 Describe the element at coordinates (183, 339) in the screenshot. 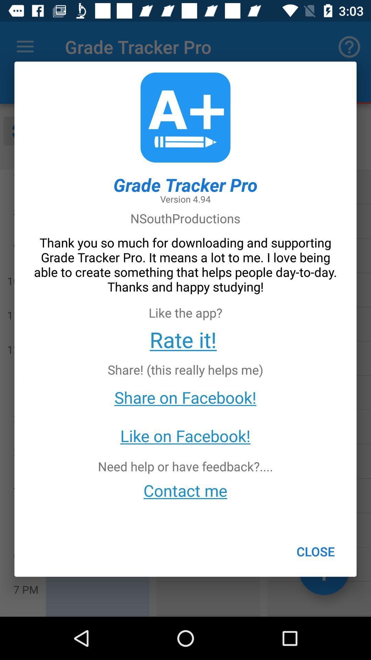

I see `the rate it! icon` at that location.